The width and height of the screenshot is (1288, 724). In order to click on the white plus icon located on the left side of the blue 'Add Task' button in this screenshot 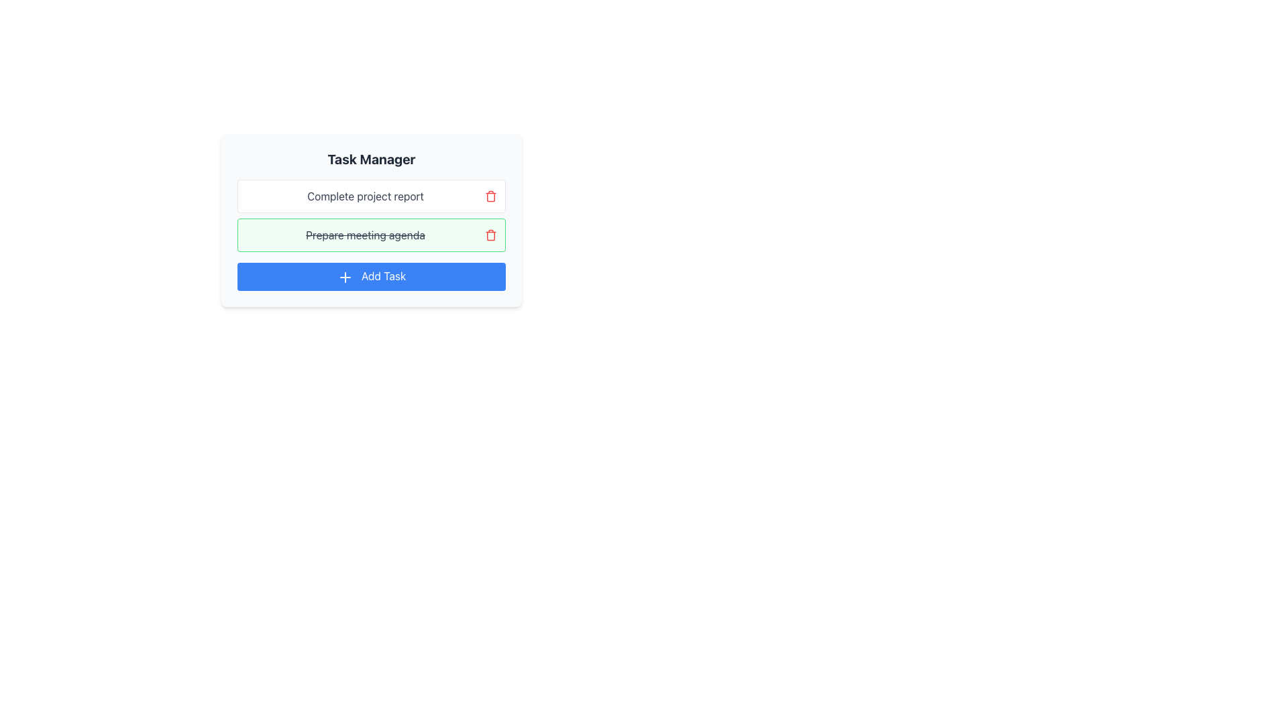, I will do `click(345, 276)`.